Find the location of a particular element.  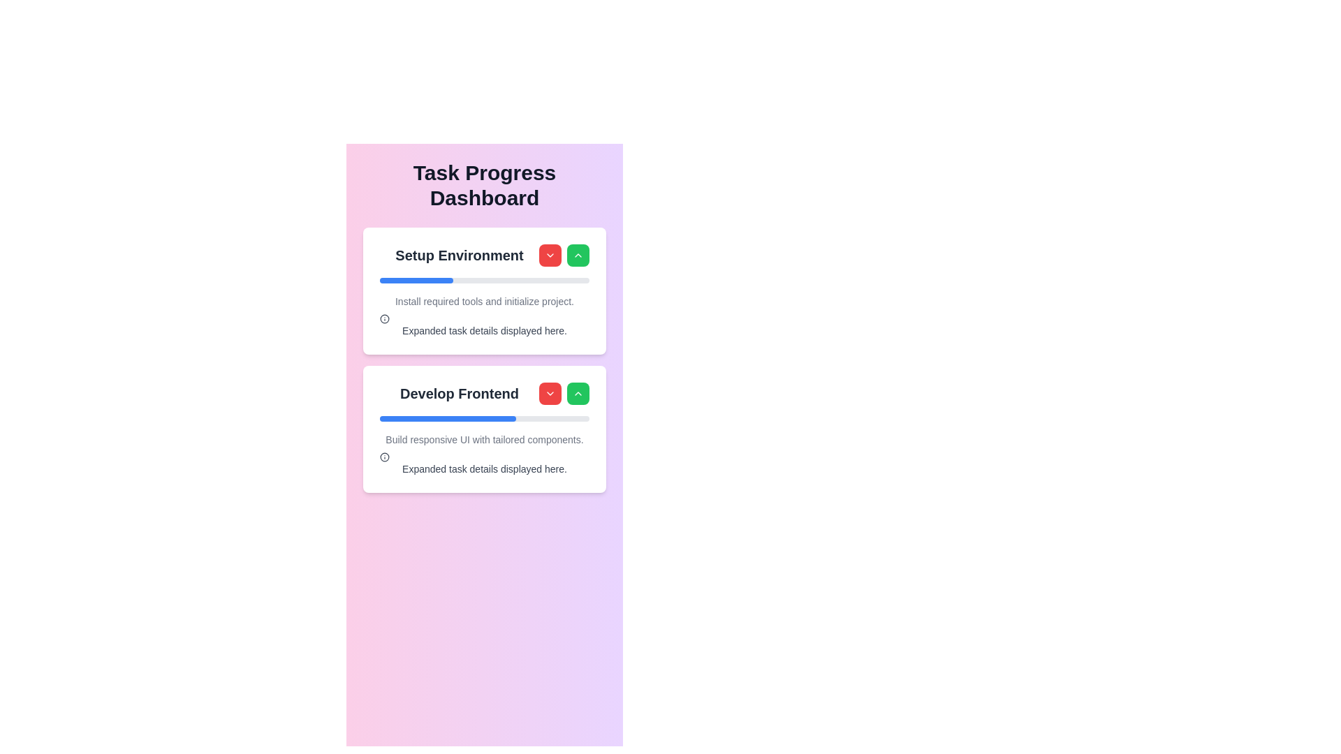

the circular outline of the 'info' icon is located at coordinates (385, 318).